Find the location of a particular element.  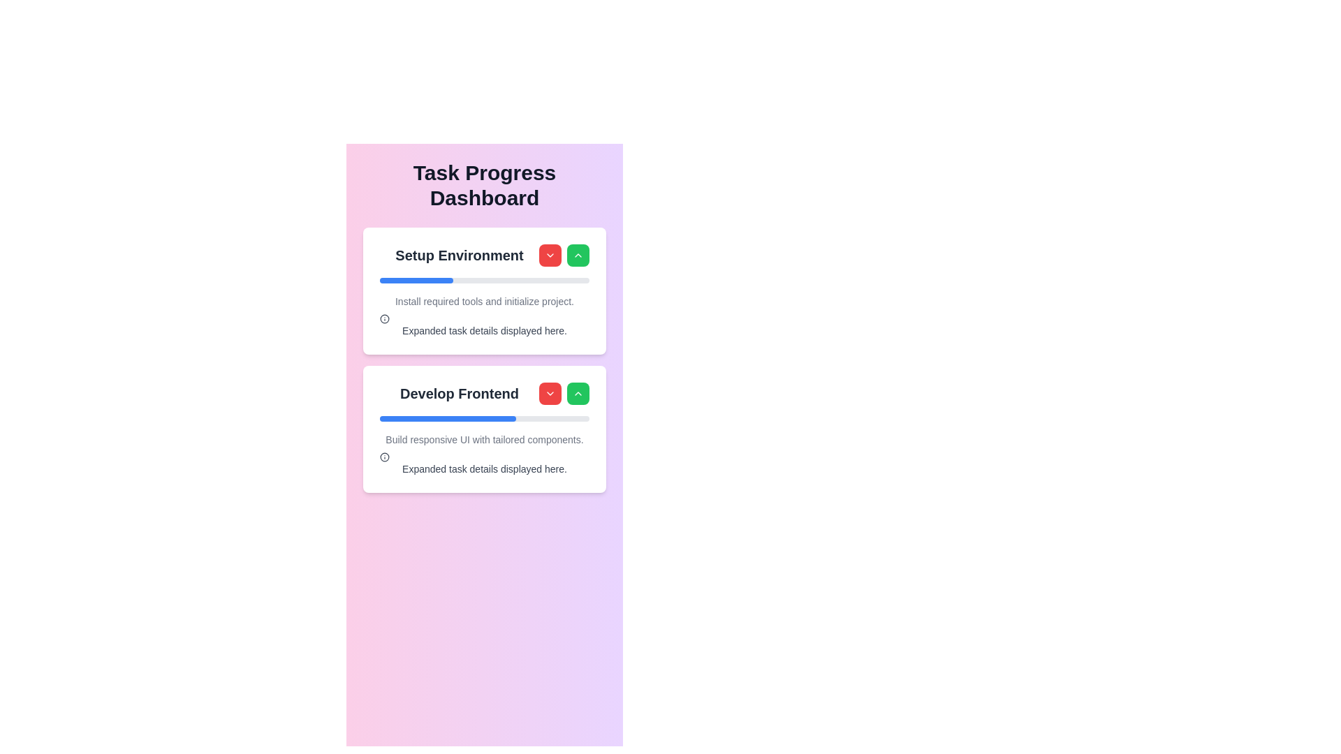

the circular outline of the 'info' icon is located at coordinates (385, 318).